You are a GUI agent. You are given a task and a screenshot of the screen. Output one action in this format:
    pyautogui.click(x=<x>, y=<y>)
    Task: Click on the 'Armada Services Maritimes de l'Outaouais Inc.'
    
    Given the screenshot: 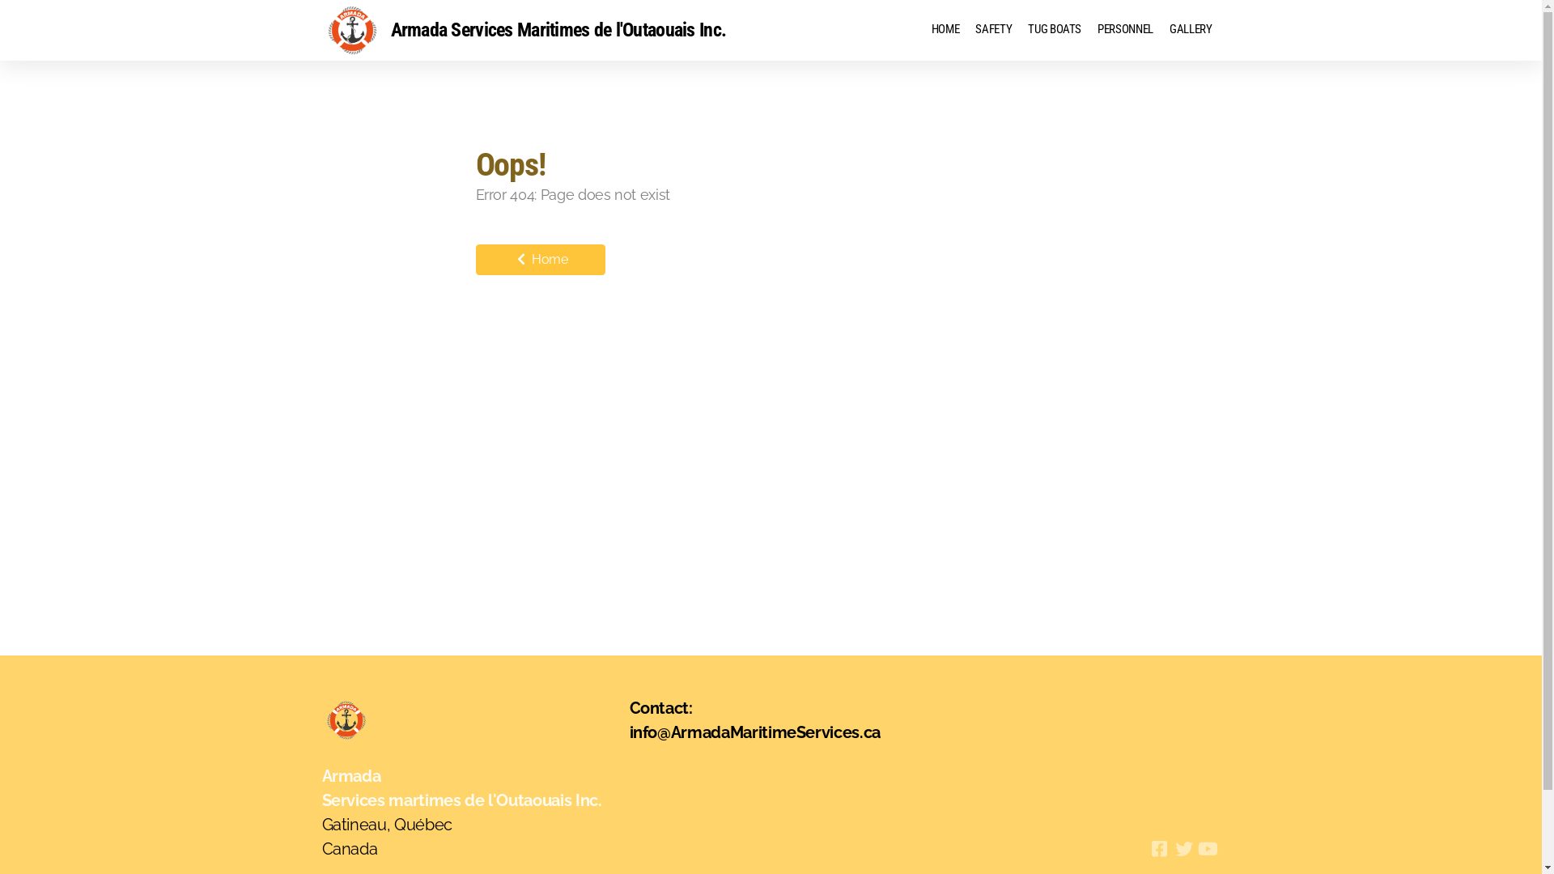 What is the action you would take?
    pyautogui.click(x=524, y=30)
    